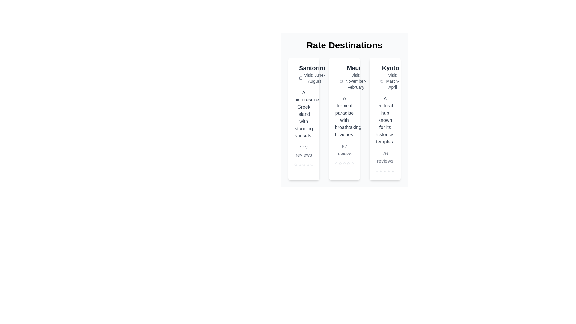  Describe the element at coordinates (344, 117) in the screenshot. I see `text from the gray font label displaying 'A tropical paradise with breathtaking beaches.' located in the second card under the title 'Rate Destinations'` at that location.